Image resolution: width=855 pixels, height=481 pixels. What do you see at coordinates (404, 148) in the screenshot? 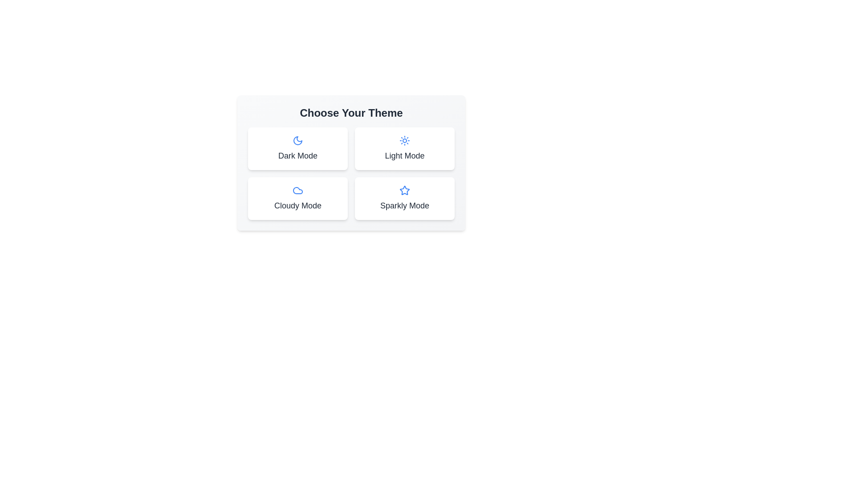
I see `the second button in the first row of a 2x2 grid of buttons` at bounding box center [404, 148].